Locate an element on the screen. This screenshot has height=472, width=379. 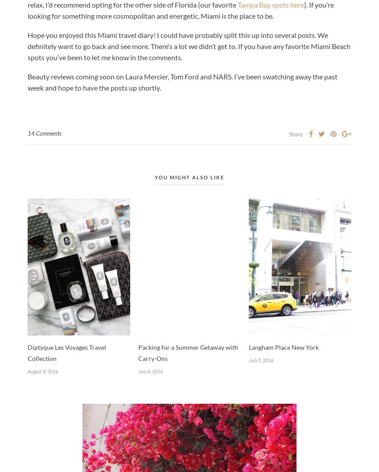
'Hope you enjoyed this Miami travel diary! I could have probably split this up into several posts. We definitely want to go back and see more. There’s a lot we didn’t get to. If you have any favorite Miami Beach spots you’ve been to let me know in the comments.' is located at coordinates (189, 46).